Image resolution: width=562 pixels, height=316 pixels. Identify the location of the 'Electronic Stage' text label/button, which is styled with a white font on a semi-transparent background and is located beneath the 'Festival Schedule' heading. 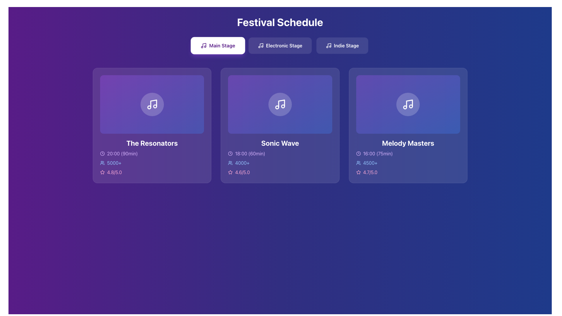
(284, 45).